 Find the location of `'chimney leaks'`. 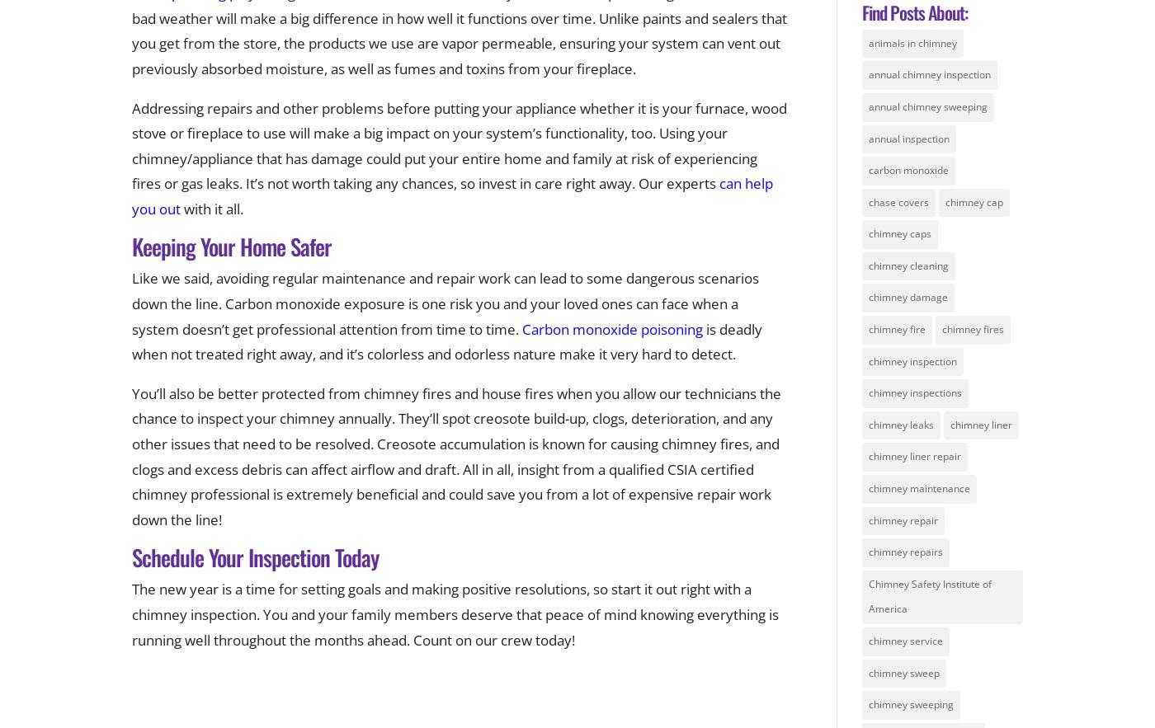

'chimney leaks' is located at coordinates (867, 423).